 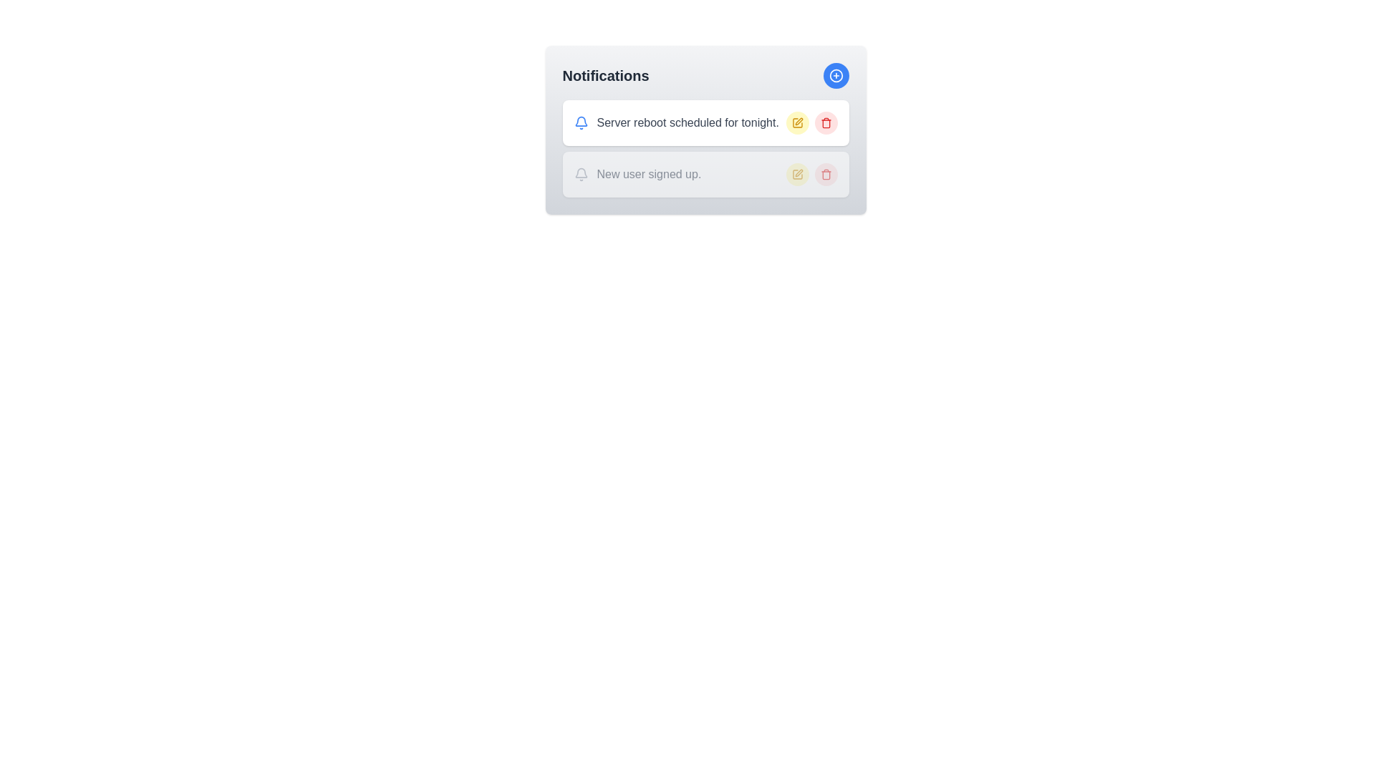 What do you see at coordinates (796, 122) in the screenshot?
I see `the circular yellow button with a pencil icon located directly to the right of the text 'Server reboot scheduled for tonight.'` at bounding box center [796, 122].